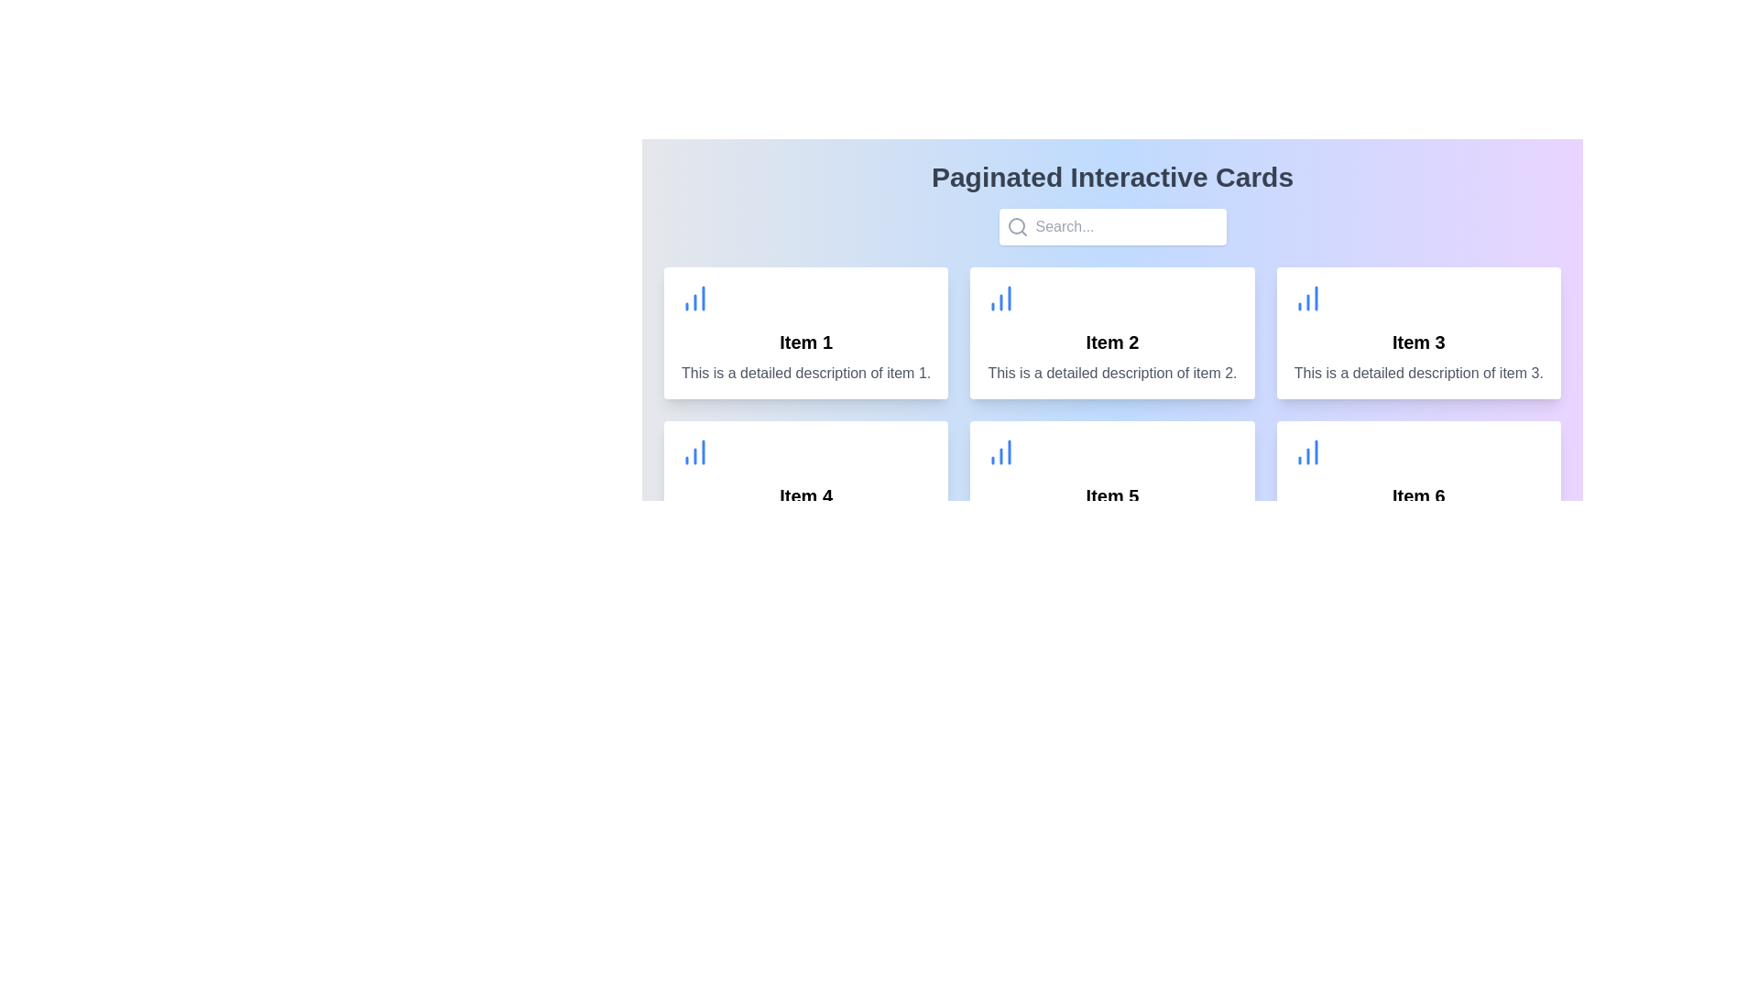 The height and width of the screenshot is (989, 1759). Describe the element at coordinates (694, 298) in the screenshot. I see `the column chart icon, which is a blue icon with three vertical bars located at the top-left corner of the card titled 'Item 1'` at that location.